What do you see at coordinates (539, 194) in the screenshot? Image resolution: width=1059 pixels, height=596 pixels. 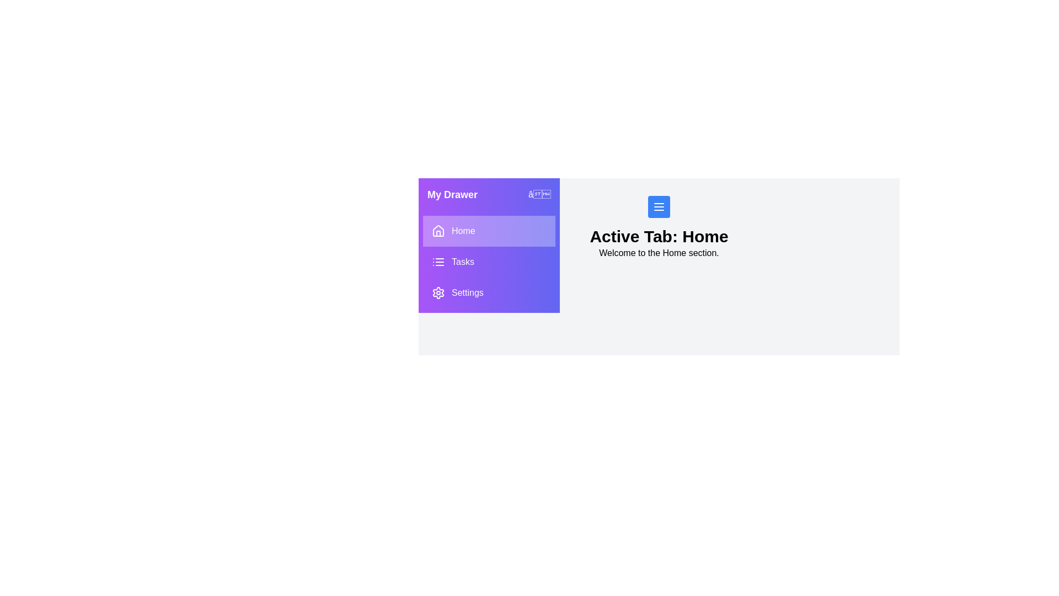 I see `the close button to toggle the drawer closed` at bounding box center [539, 194].